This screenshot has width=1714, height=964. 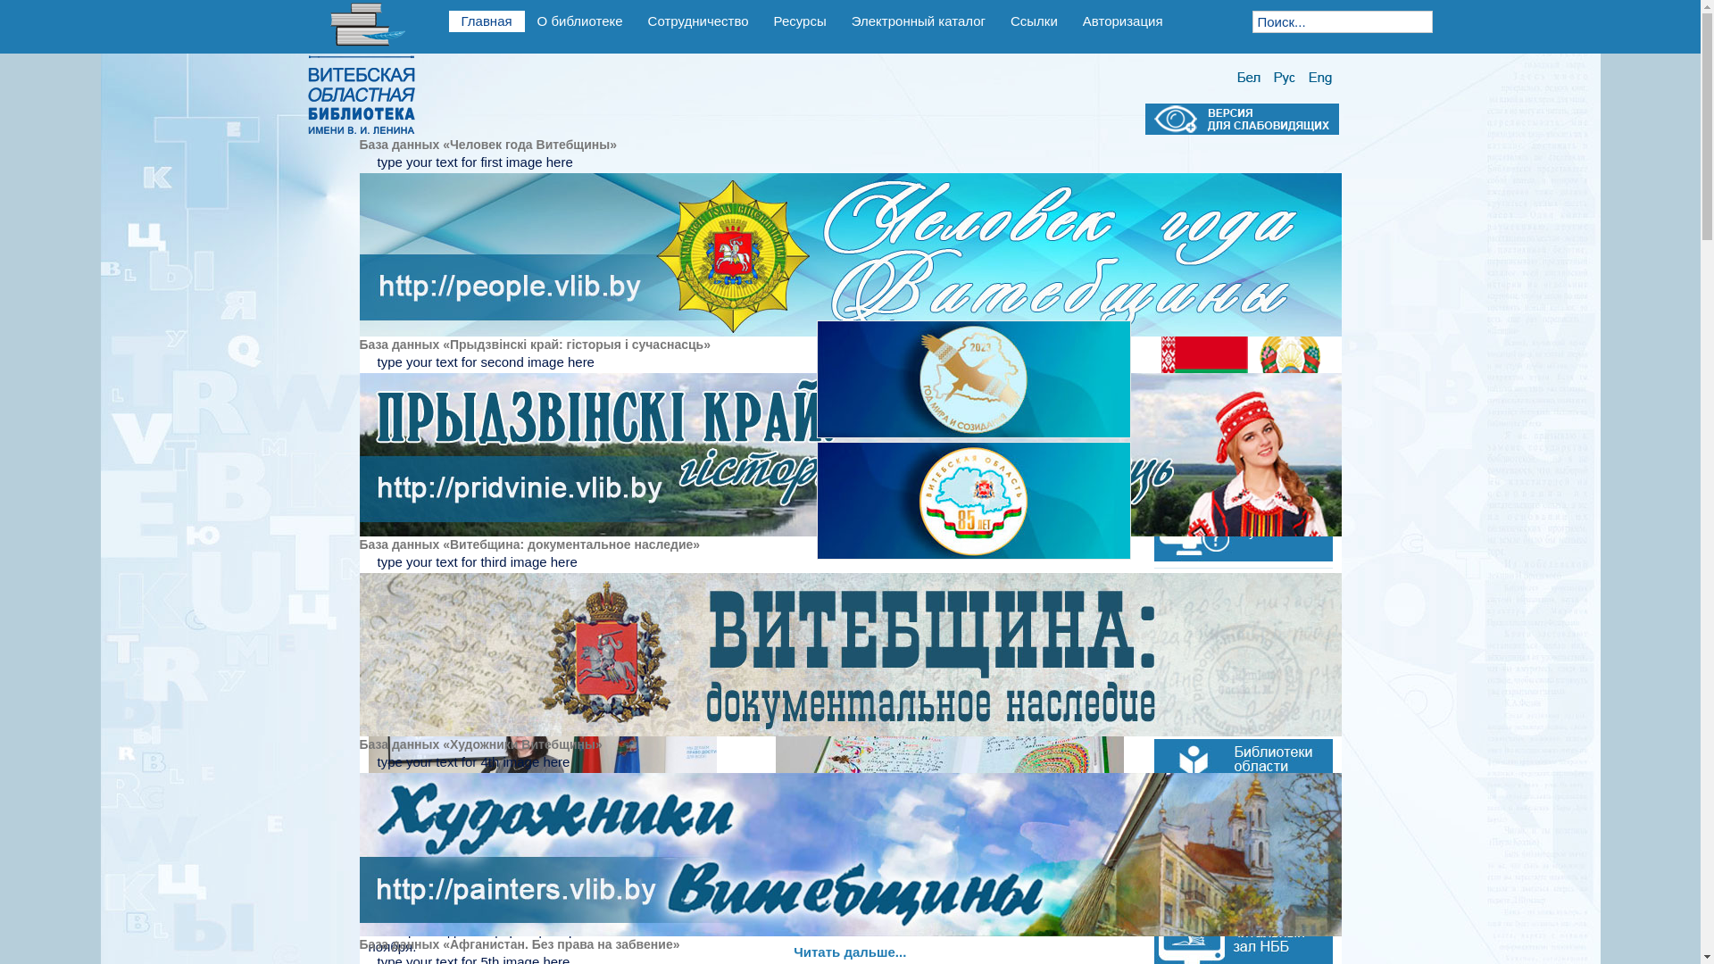 I want to click on 'Russian(RU)', so click(x=1269, y=78).